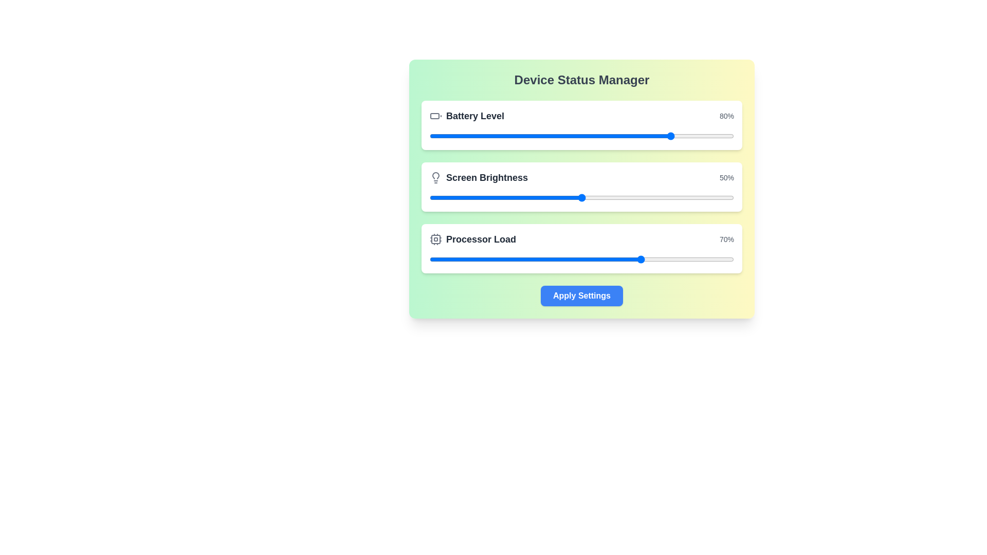 Image resolution: width=987 pixels, height=555 pixels. Describe the element at coordinates (503, 136) in the screenshot. I see `the battery level slider` at that location.